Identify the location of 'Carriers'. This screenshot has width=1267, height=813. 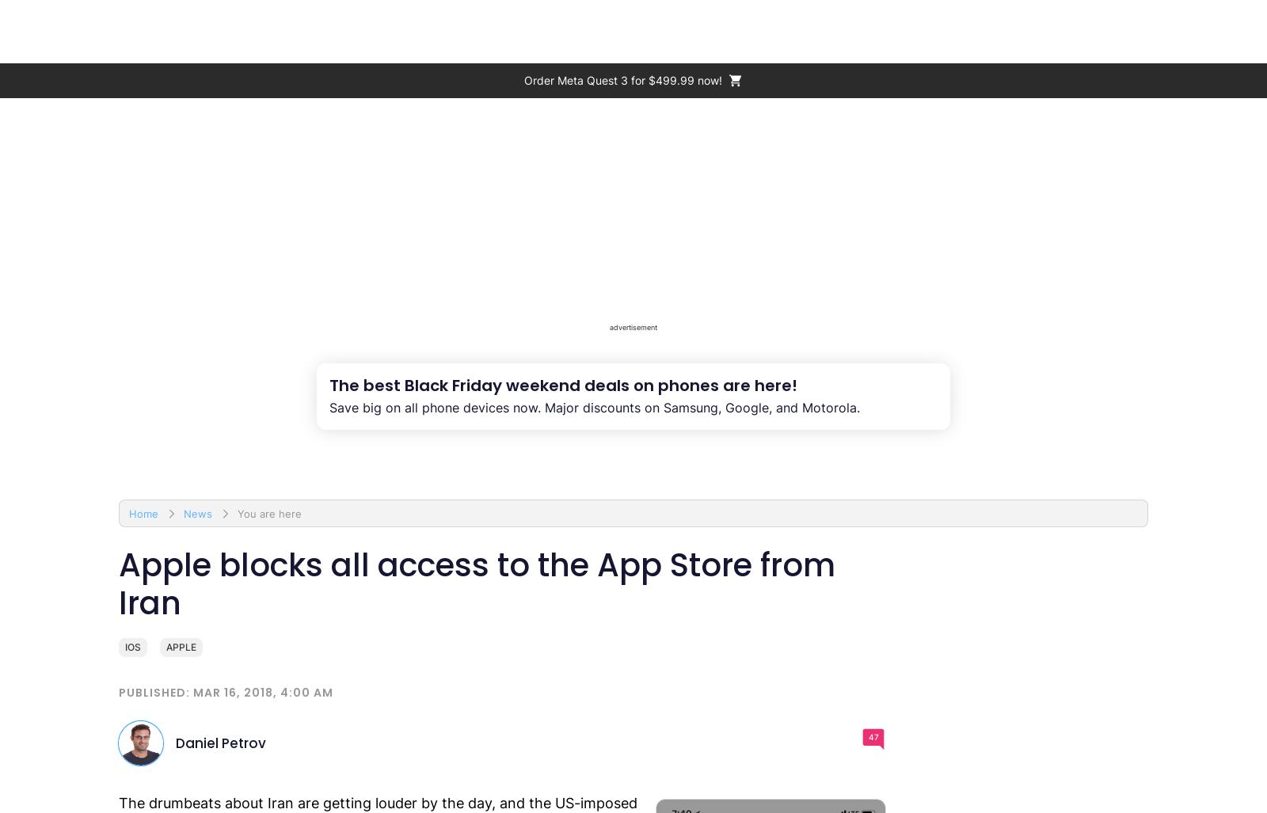
(871, 31).